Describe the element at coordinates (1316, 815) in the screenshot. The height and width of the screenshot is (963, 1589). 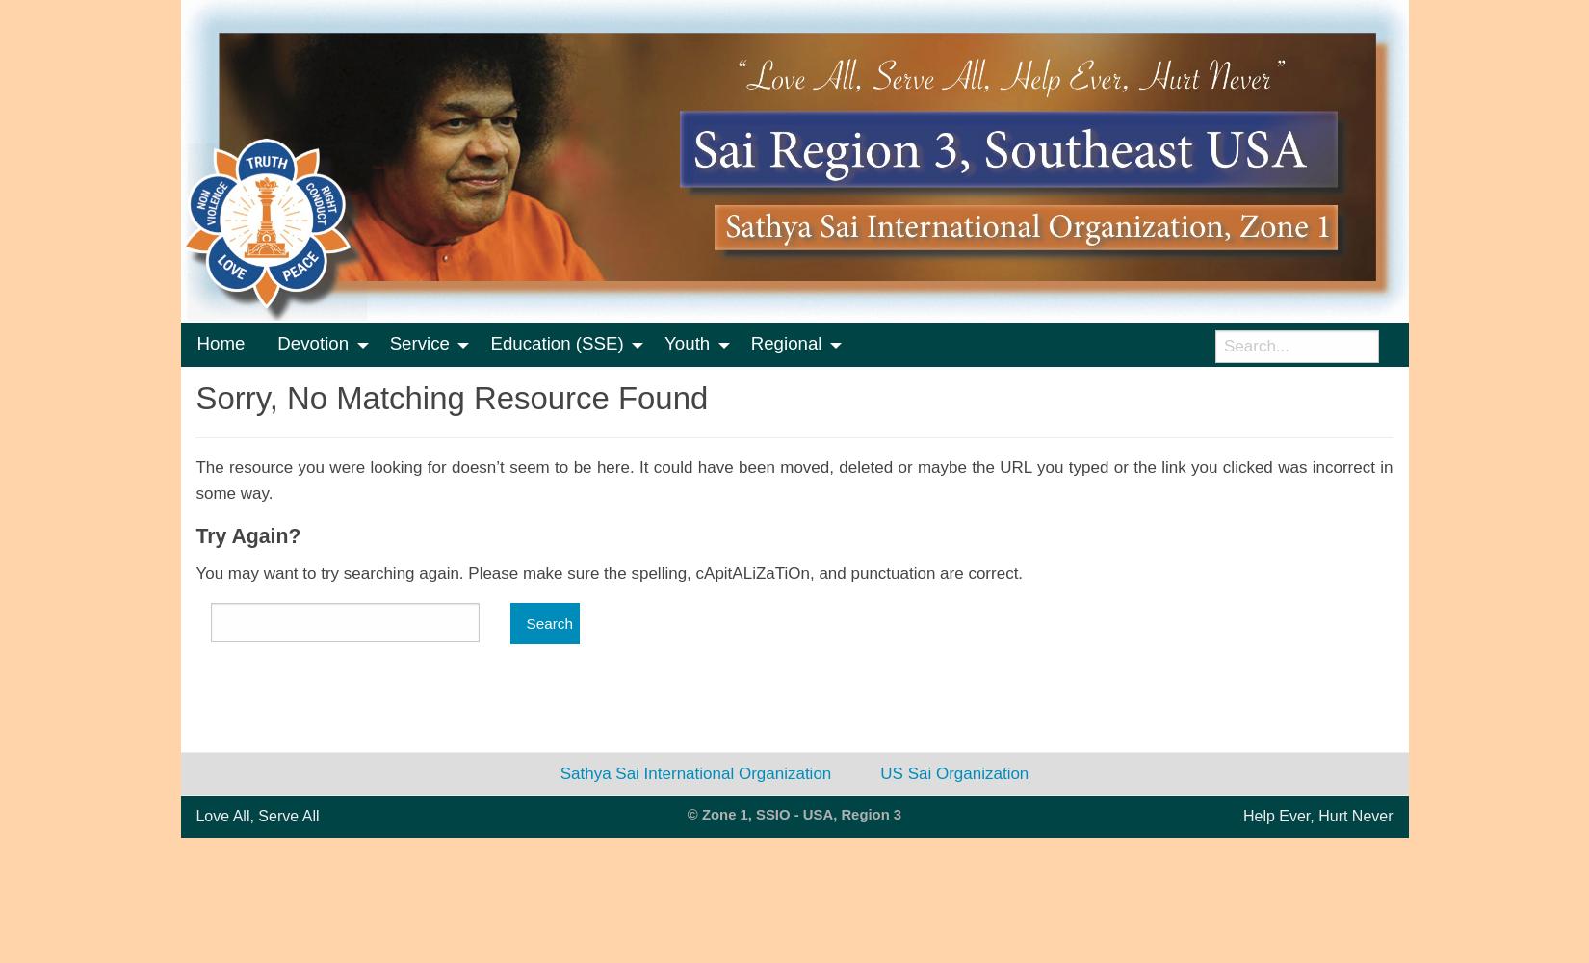
I see `'Help Ever, Hurt Never'` at that location.